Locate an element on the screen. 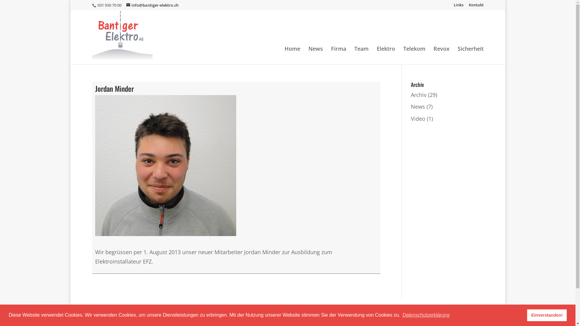 The width and height of the screenshot is (580, 326). 'Firma' is located at coordinates (339, 55).